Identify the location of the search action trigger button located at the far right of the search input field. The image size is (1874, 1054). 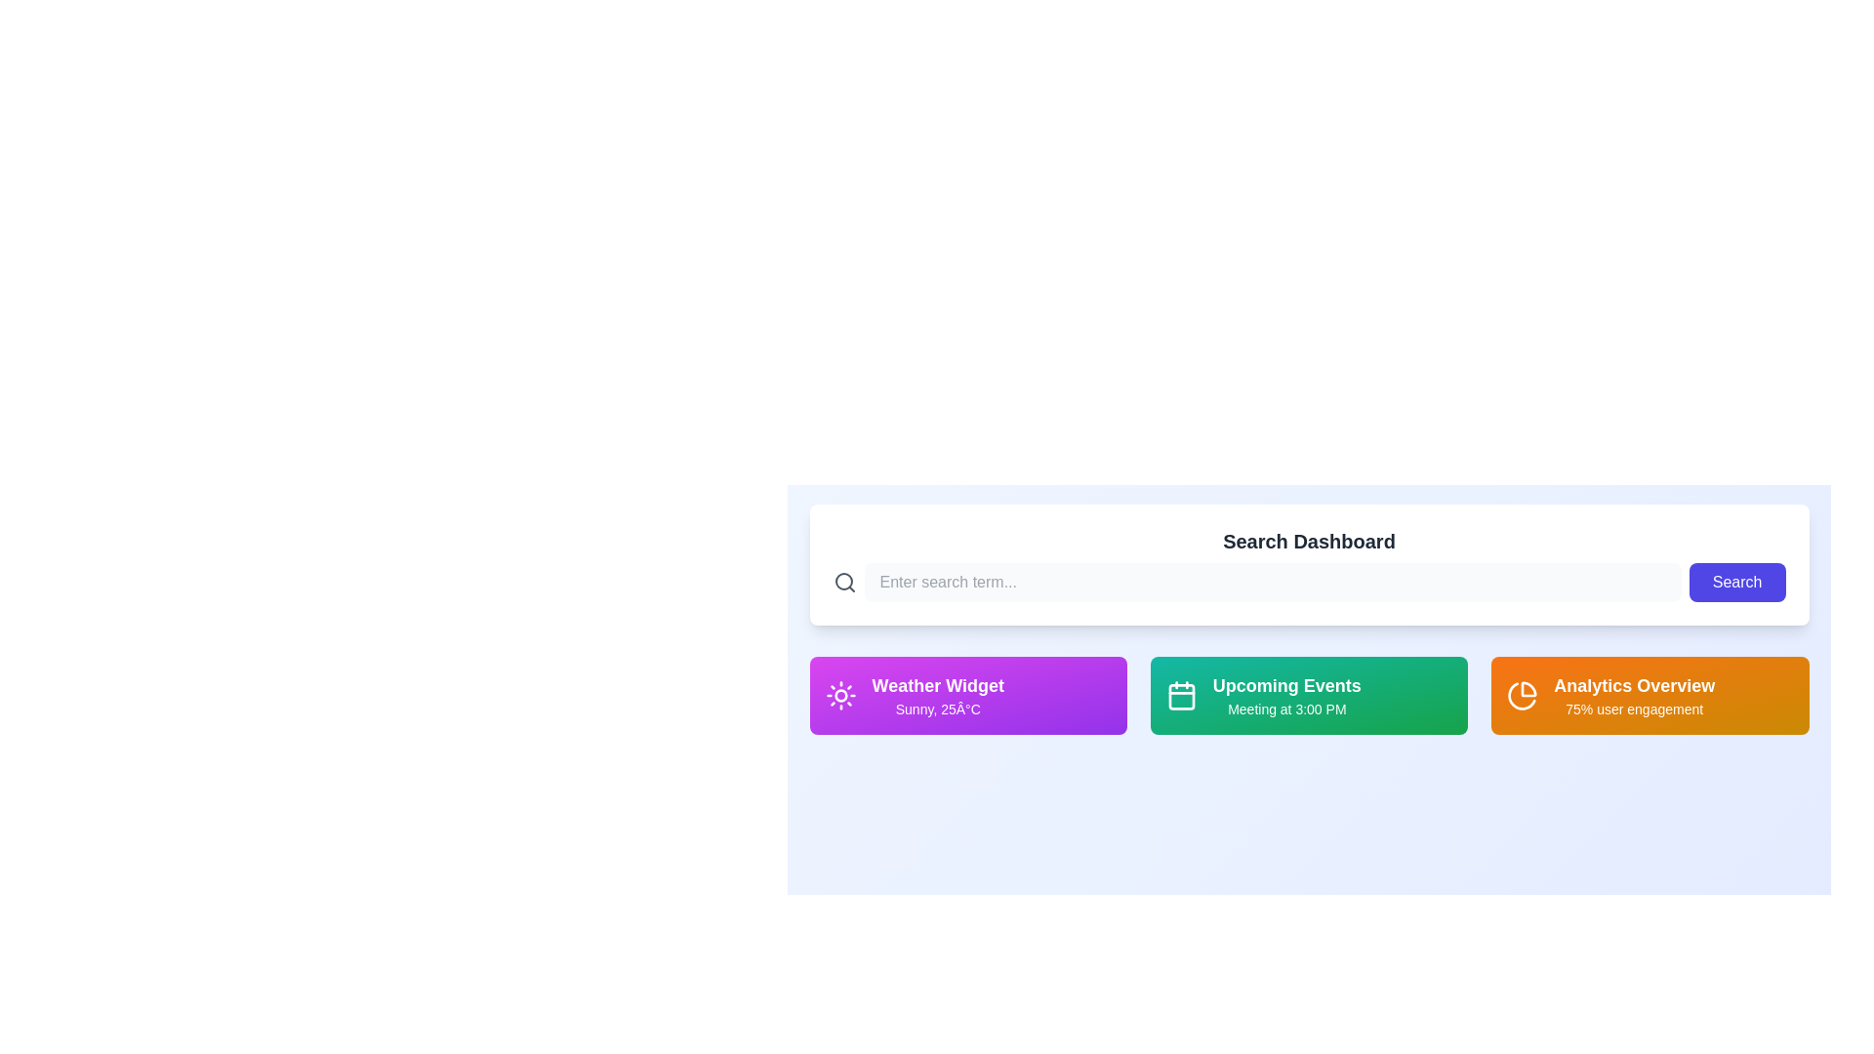
(1737, 582).